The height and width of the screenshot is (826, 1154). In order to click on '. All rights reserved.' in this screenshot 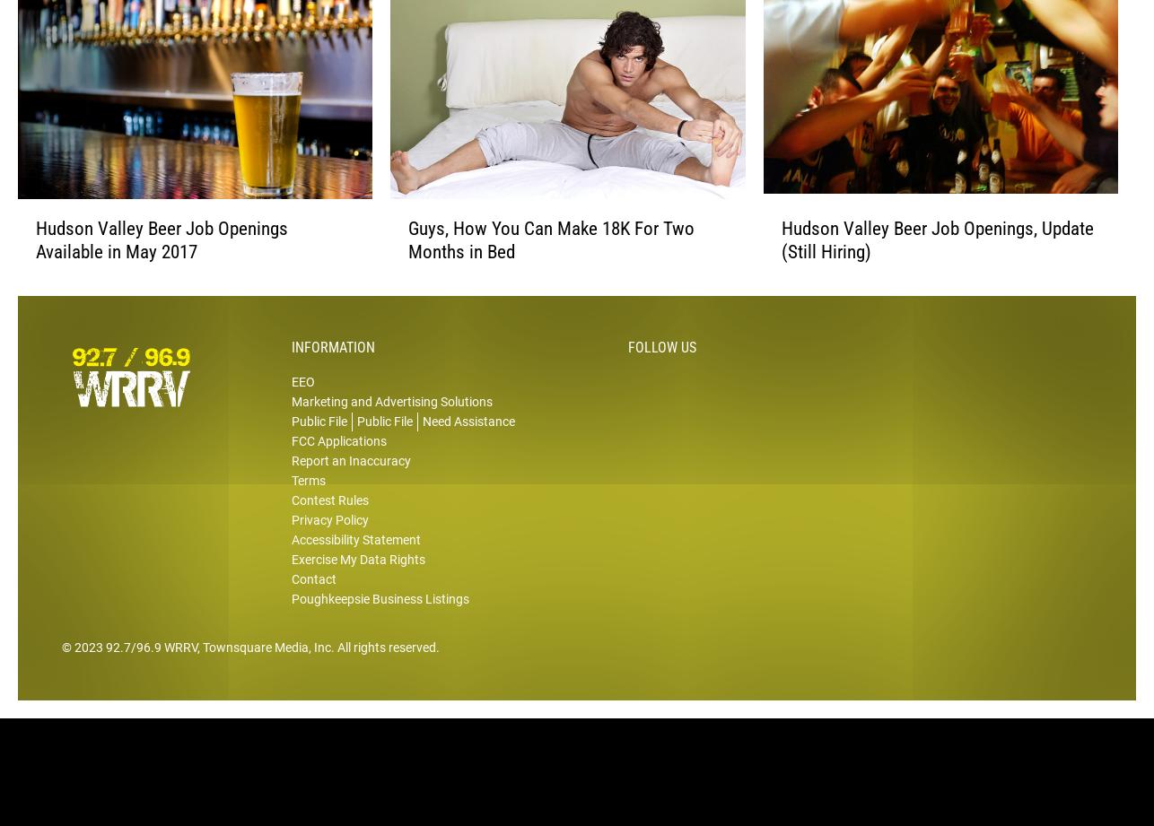, I will do `click(384, 675)`.